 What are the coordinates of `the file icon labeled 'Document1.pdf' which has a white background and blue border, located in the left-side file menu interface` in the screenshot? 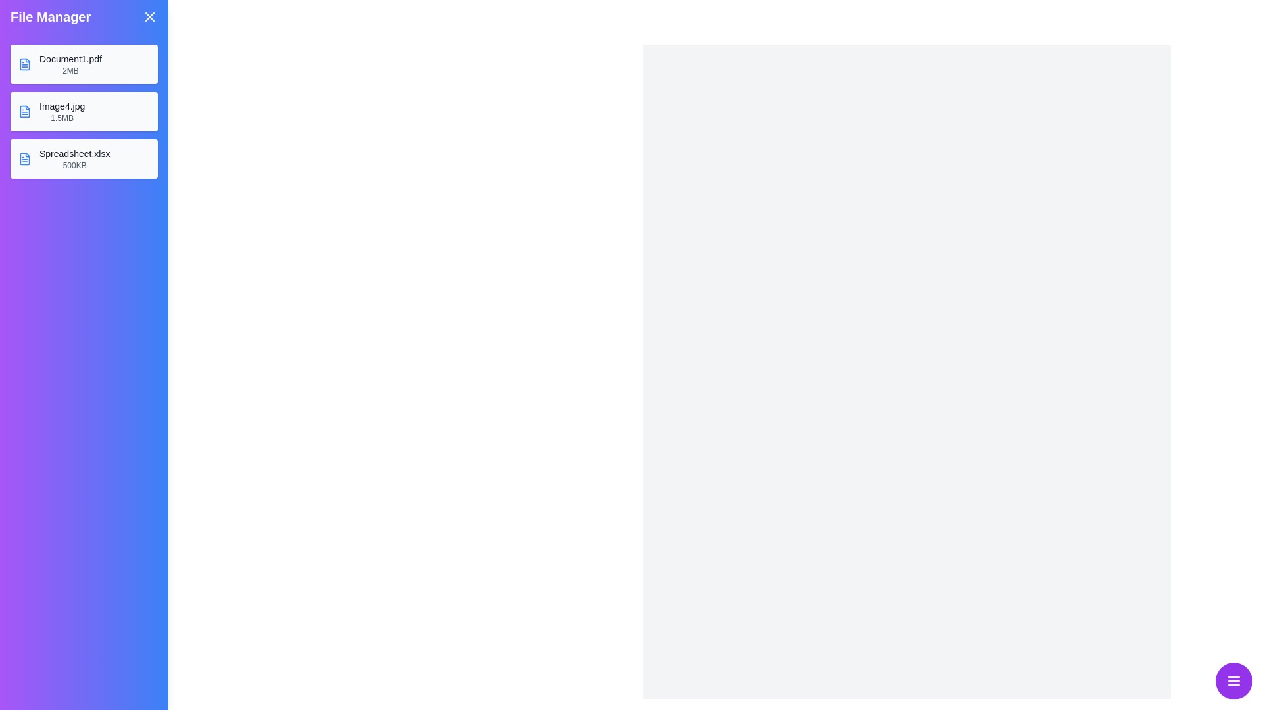 It's located at (25, 64).